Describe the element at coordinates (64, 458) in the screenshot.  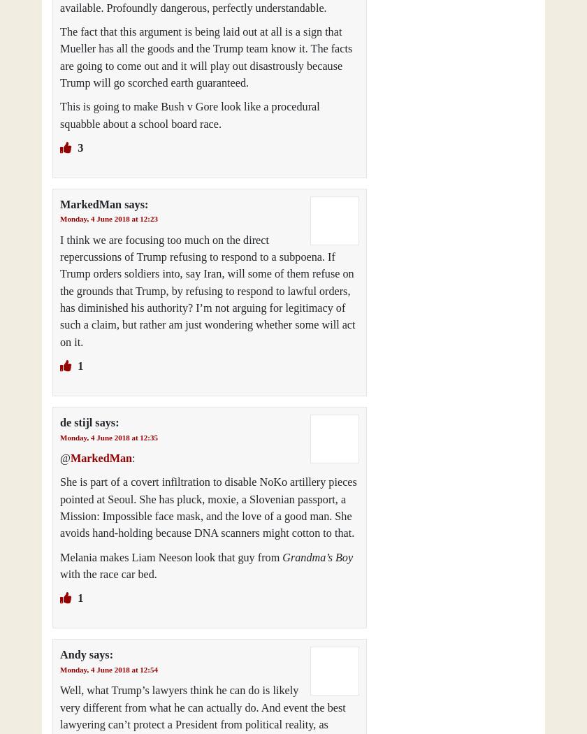
I see `'@'` at that location.